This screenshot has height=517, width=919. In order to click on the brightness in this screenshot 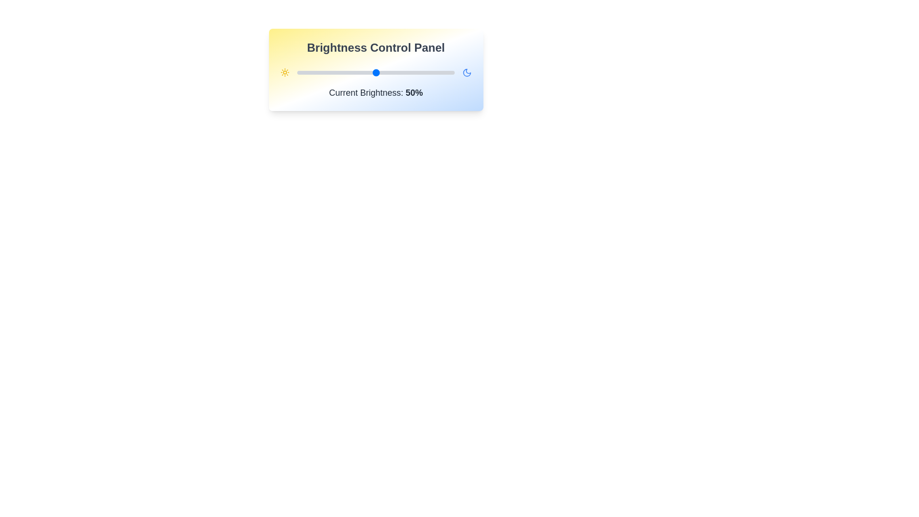, I will do `click(409, 72)`.